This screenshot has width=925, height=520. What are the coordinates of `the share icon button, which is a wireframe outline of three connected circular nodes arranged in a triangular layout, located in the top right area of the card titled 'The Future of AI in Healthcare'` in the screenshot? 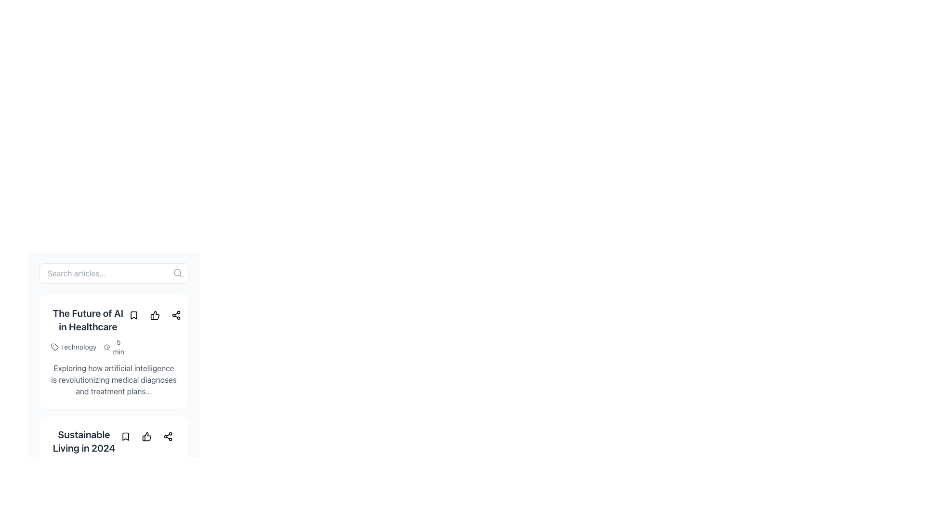 It's located at (176, 315).